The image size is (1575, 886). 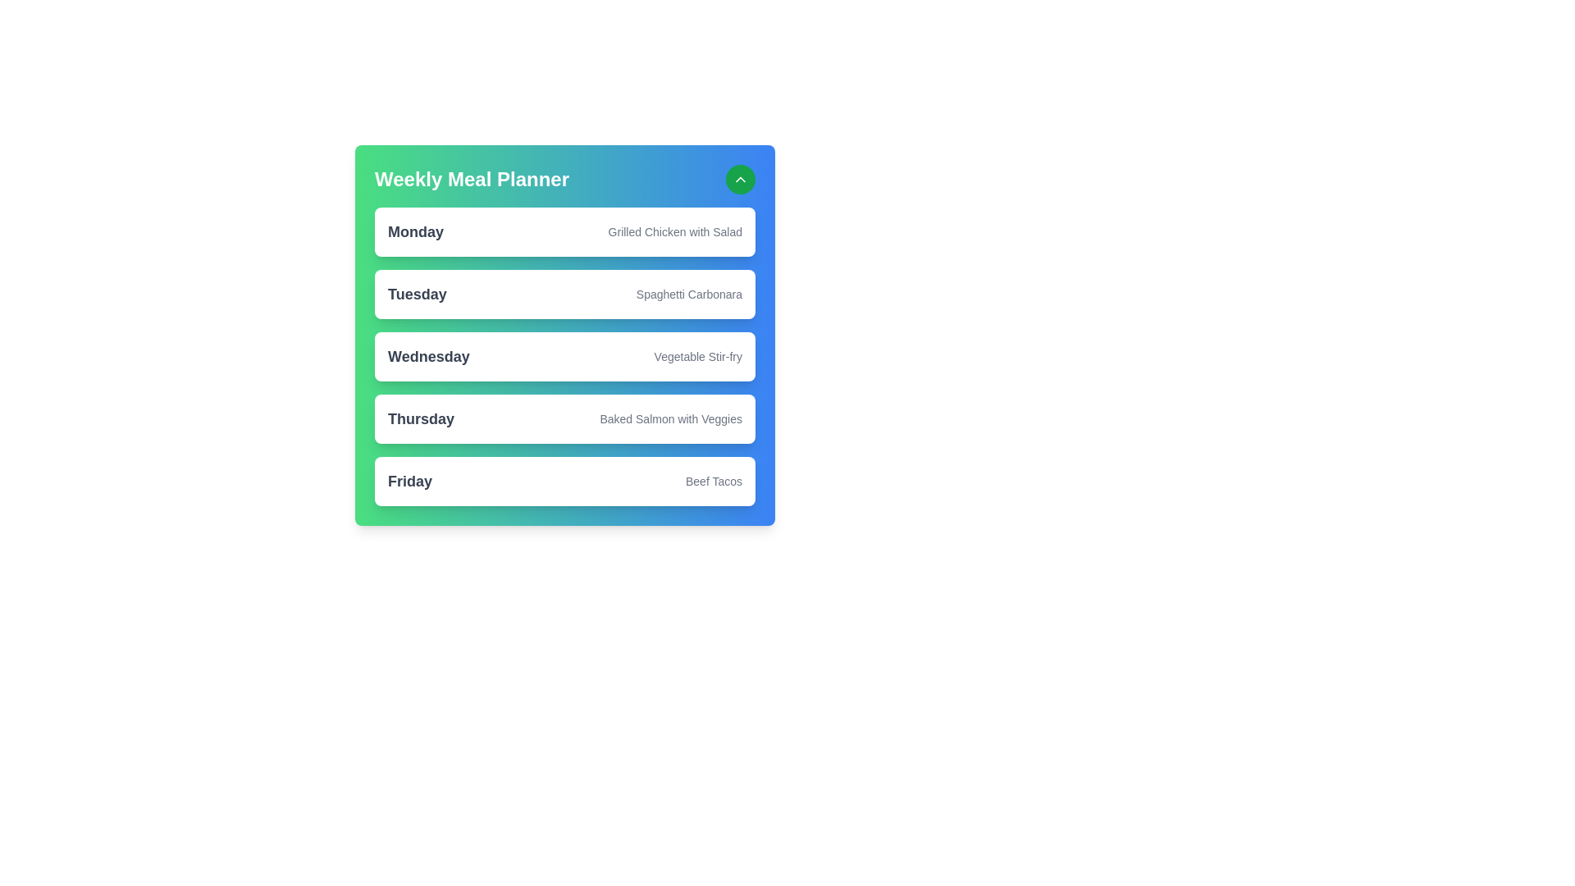 What do you see at coordinates (409, 480) in the screenshot?
I see `the menu item for a specific day, identified by Friday` at bounding box center [409, 480].